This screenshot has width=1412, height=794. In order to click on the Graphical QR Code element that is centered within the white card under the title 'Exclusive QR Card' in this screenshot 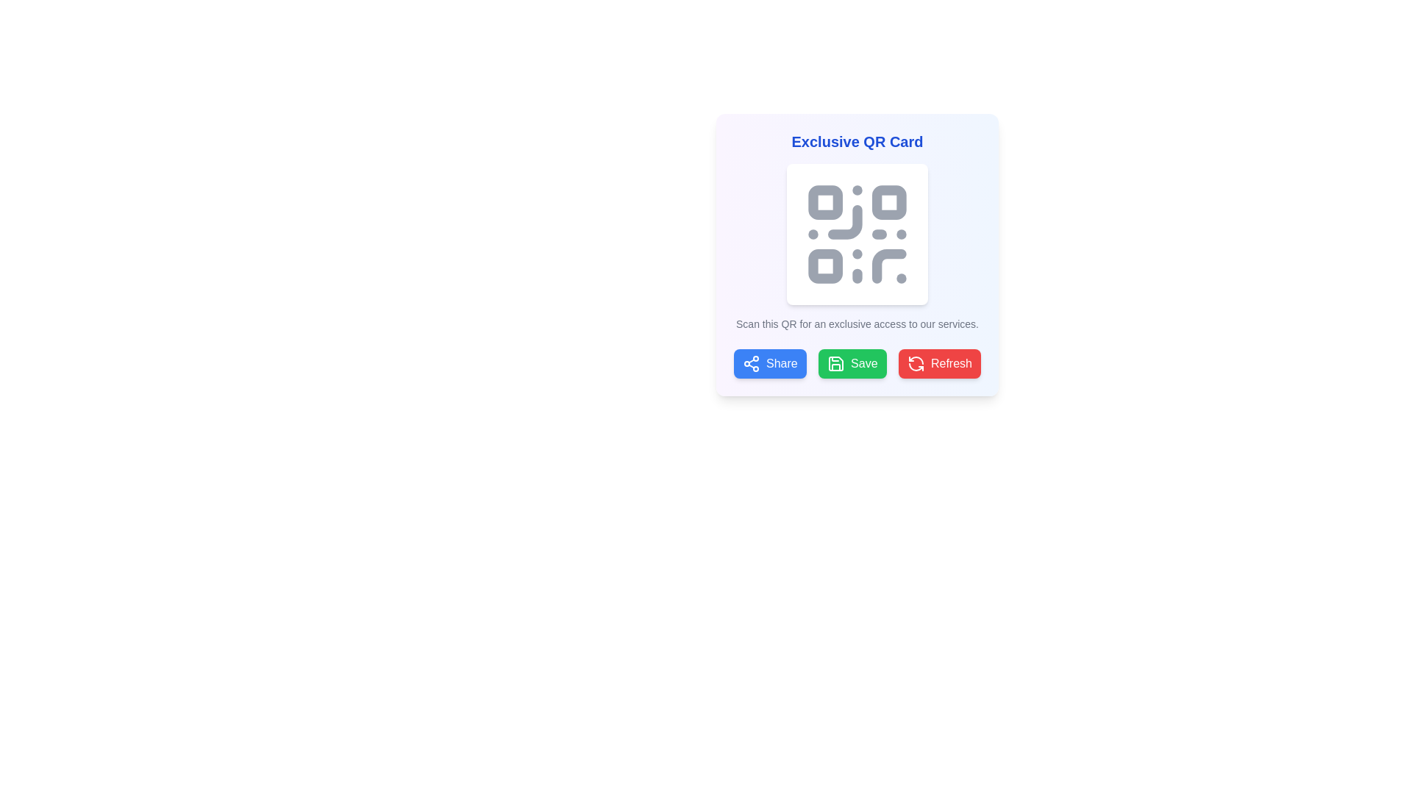, I will do `click(857, 234)`.